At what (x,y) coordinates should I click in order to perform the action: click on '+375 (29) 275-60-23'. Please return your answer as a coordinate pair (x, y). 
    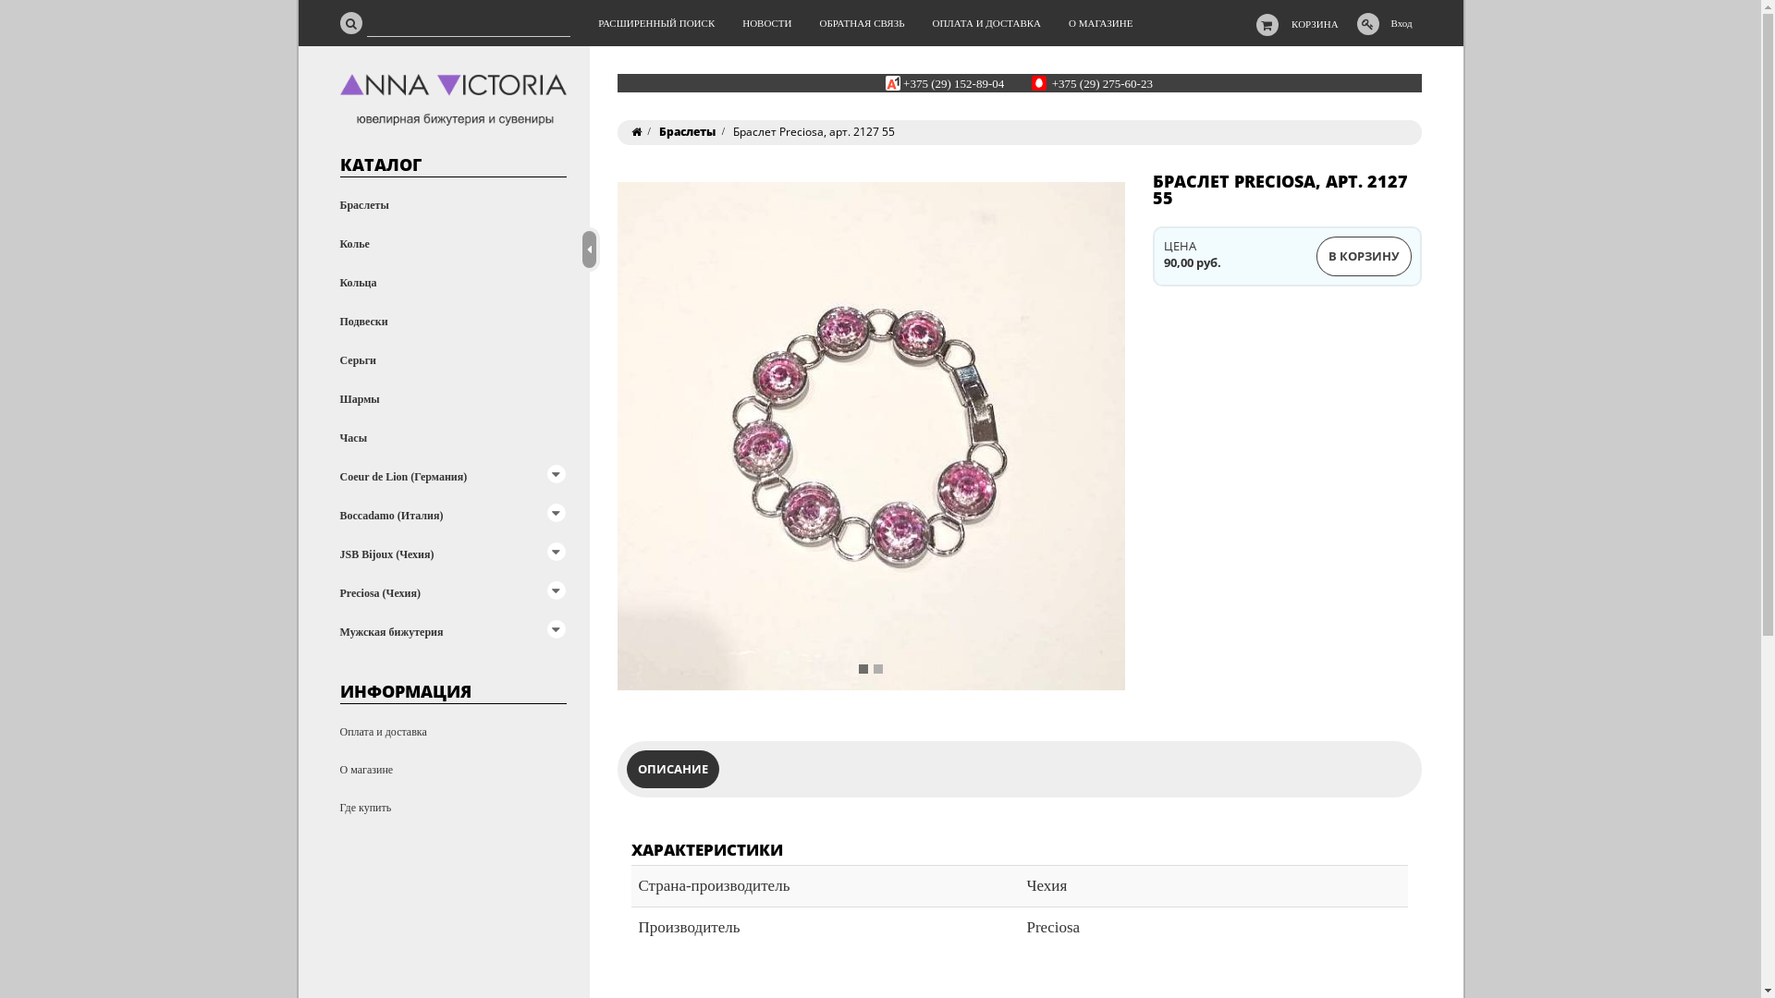
    Looking at the image, I should click on (1102, 81).